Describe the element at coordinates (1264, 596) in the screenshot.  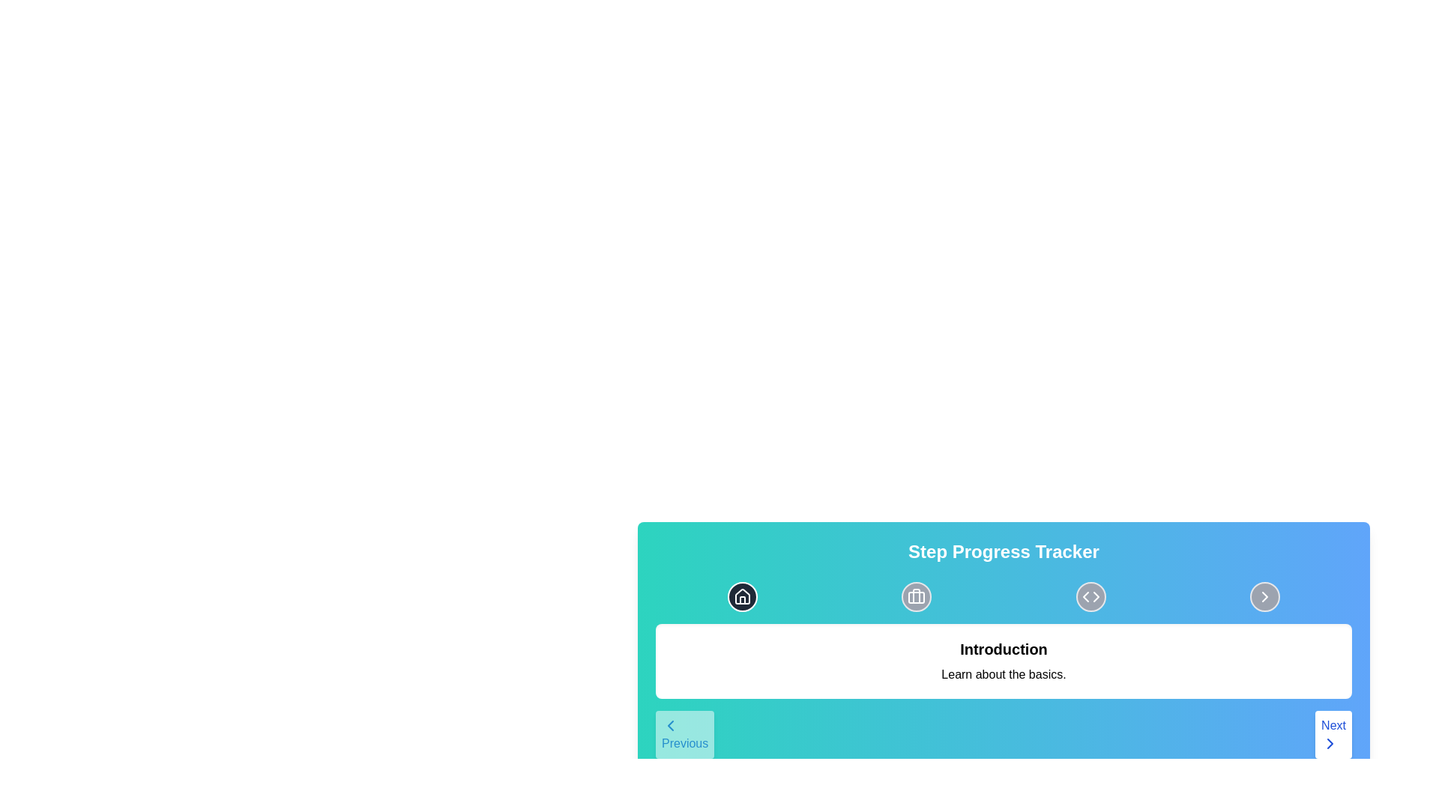
I see `the navigational button located at the far-right side among evenly spaced circular buttons in the upper section of a card-like component` at that location.